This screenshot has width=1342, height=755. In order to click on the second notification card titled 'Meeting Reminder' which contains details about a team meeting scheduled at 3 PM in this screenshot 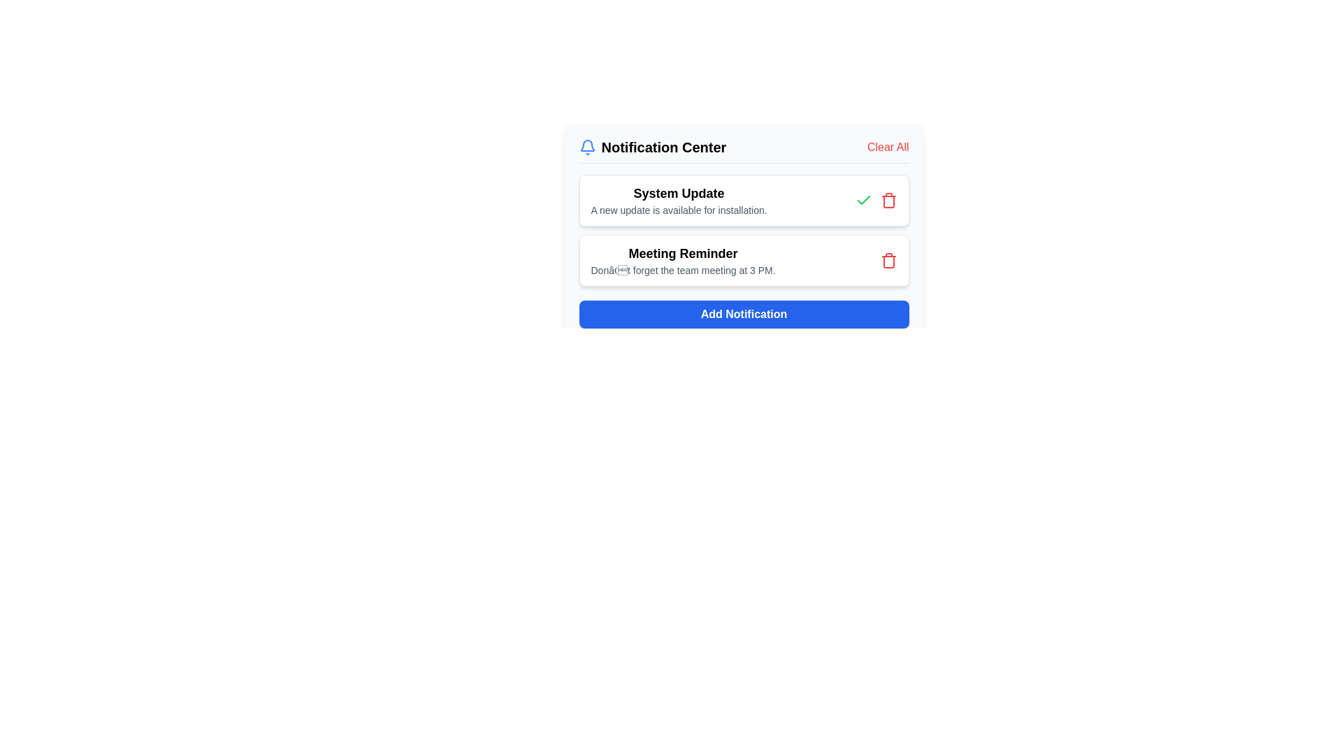, I will do `click(743, 261)`.